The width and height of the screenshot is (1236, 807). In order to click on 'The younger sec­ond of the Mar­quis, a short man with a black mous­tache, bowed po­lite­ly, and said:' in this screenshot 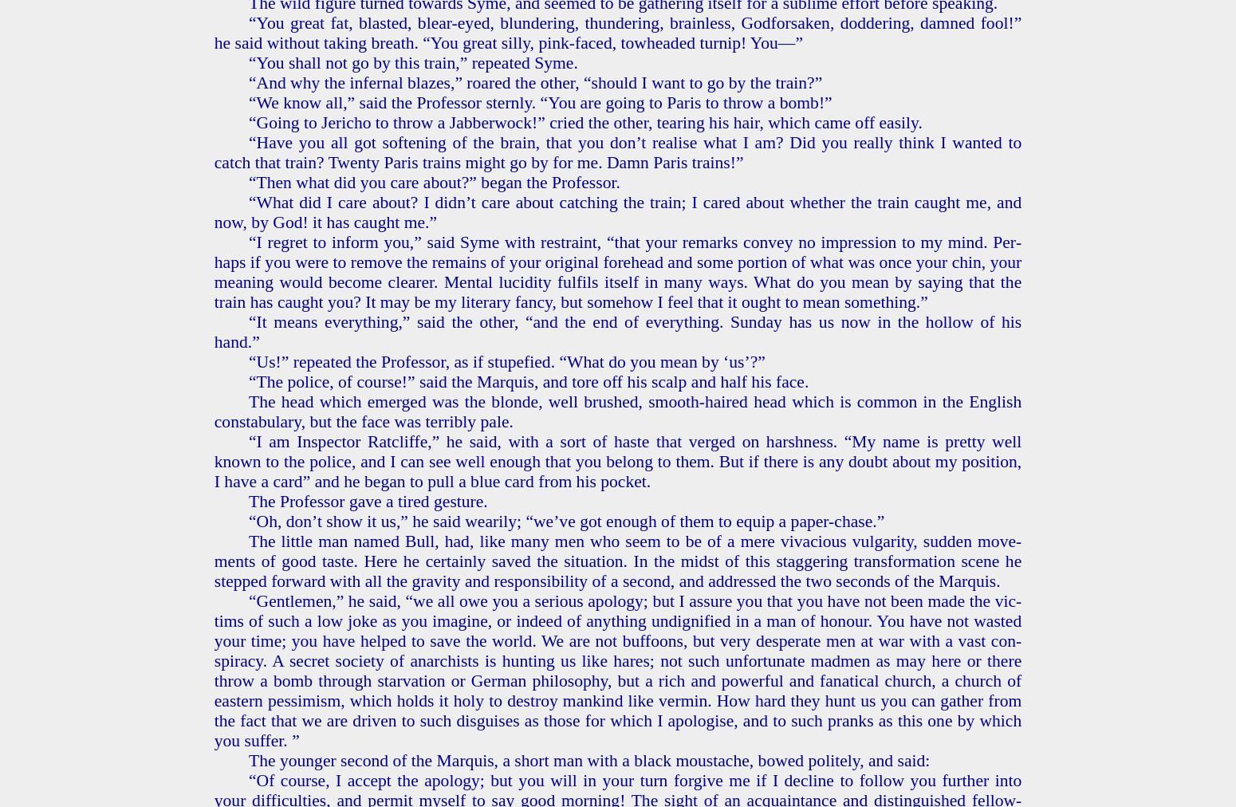, I will do `click(247, 760)`.